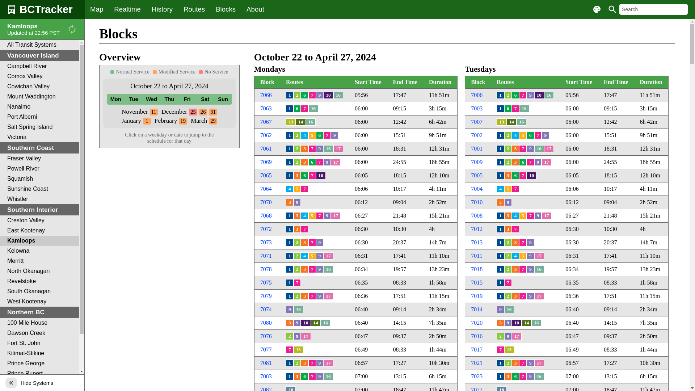 This screenshot has width=695, height=391. I want to click on '7', so click(312, 243).